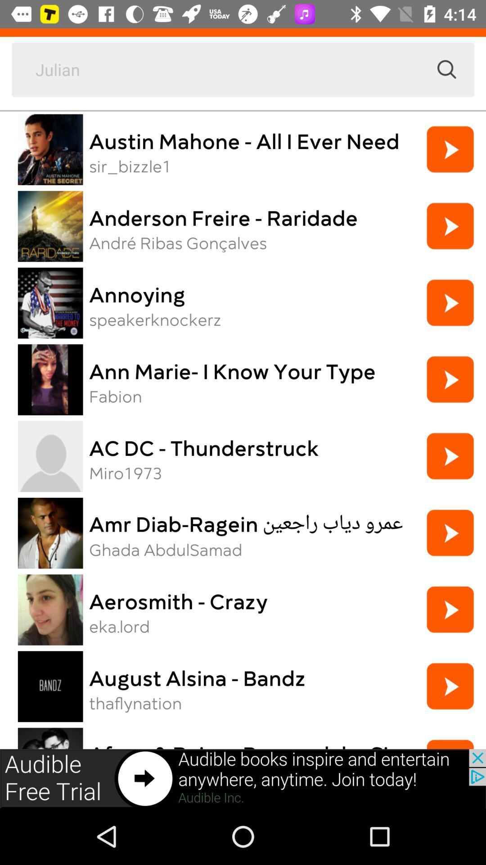  Describe the element at coordinates (243, 778) in the screenshot. I see `open advertisement` at that location.